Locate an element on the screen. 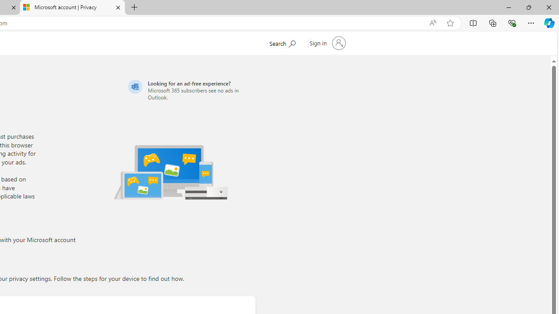  'Read aloud this page (Ctrl+Shift+U)' is located at coordinates (433, 23).